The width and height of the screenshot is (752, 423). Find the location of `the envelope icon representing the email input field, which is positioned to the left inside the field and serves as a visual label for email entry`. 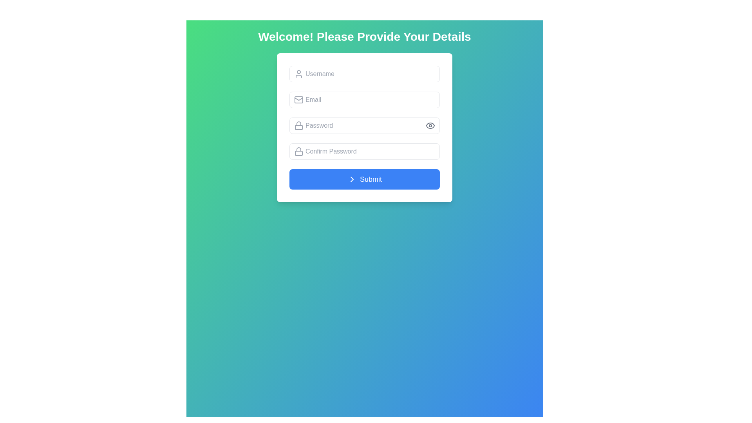

the envelope icon representing the email input field, which is positioned to the left inside the field and serves as a visual label for email entry is located at coordinates (298, 99).